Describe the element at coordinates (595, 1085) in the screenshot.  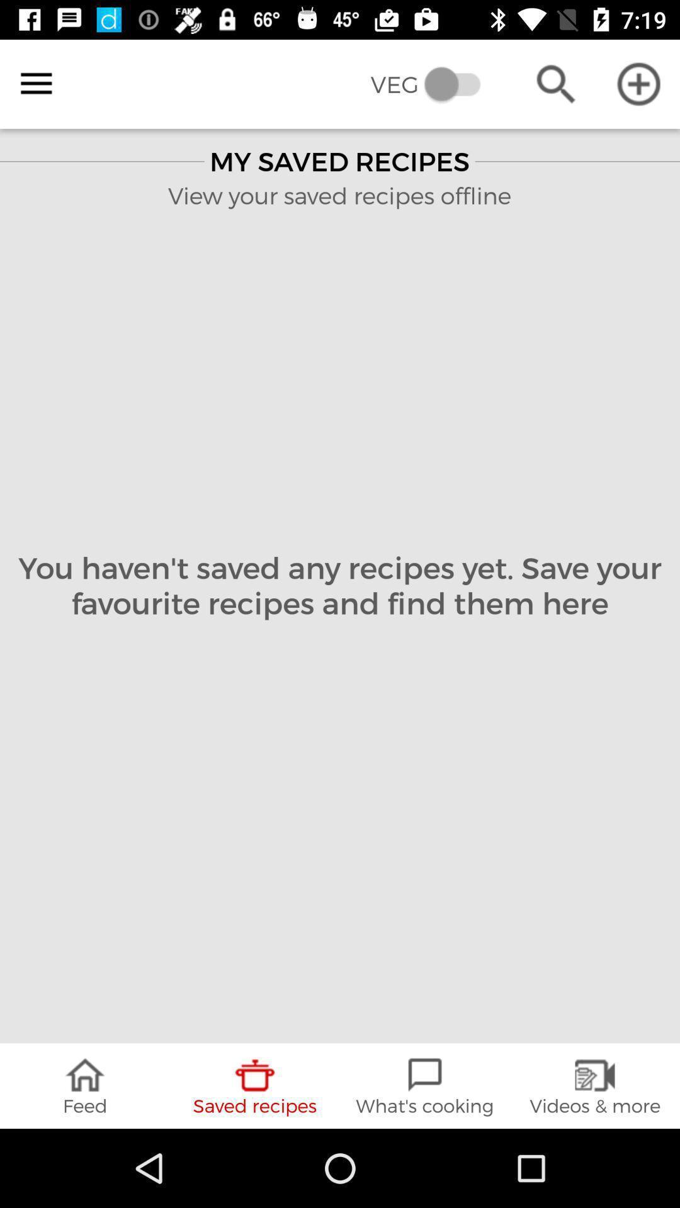
I see `item next to the what's cooking item` at that location.